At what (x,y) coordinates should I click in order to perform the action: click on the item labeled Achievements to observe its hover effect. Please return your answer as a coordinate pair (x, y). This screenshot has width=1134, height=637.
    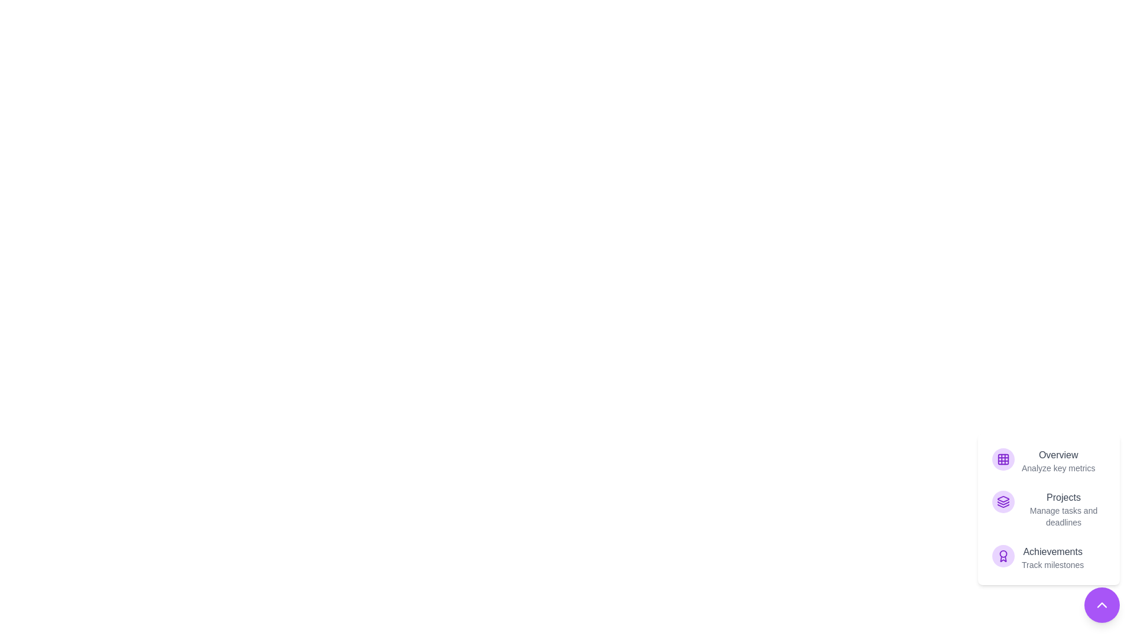
    Looking at the image, I should click on (1049, 557).